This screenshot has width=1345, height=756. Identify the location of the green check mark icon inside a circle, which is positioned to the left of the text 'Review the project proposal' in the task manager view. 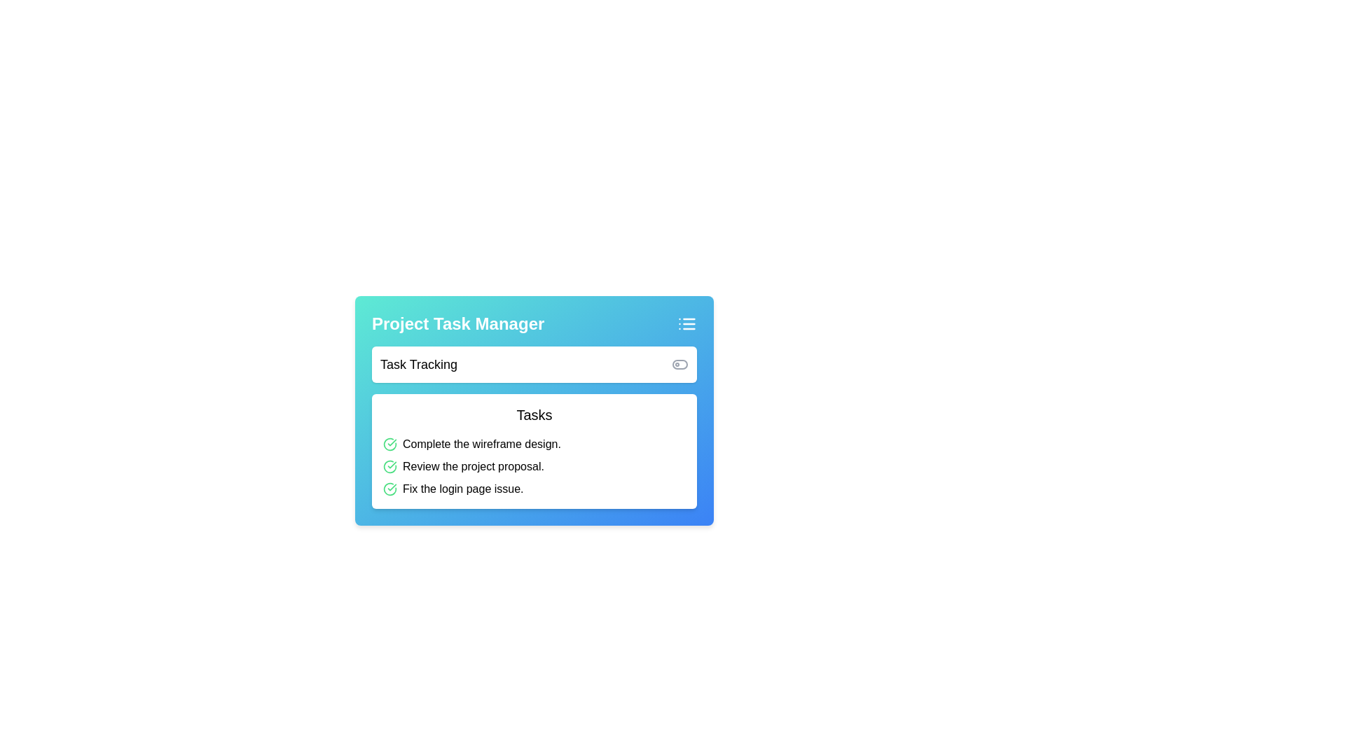
(389, 467).